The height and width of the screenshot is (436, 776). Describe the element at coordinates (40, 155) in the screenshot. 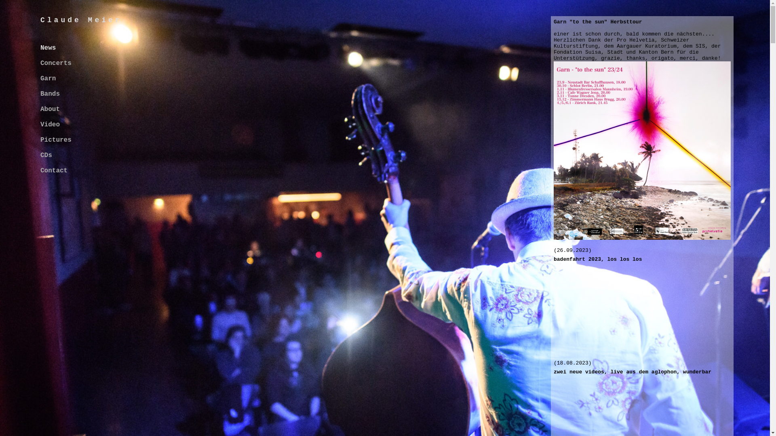

I see `'CDs'` at that location.